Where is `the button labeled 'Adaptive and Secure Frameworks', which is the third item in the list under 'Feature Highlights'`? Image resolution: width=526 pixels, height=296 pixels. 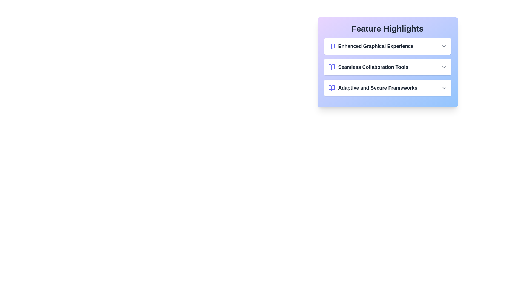 the button labeled 'Adaptive and Secure Frameworks', which is the third item in the list under 'Feature Highlights' is located at coordinates (387, 87).